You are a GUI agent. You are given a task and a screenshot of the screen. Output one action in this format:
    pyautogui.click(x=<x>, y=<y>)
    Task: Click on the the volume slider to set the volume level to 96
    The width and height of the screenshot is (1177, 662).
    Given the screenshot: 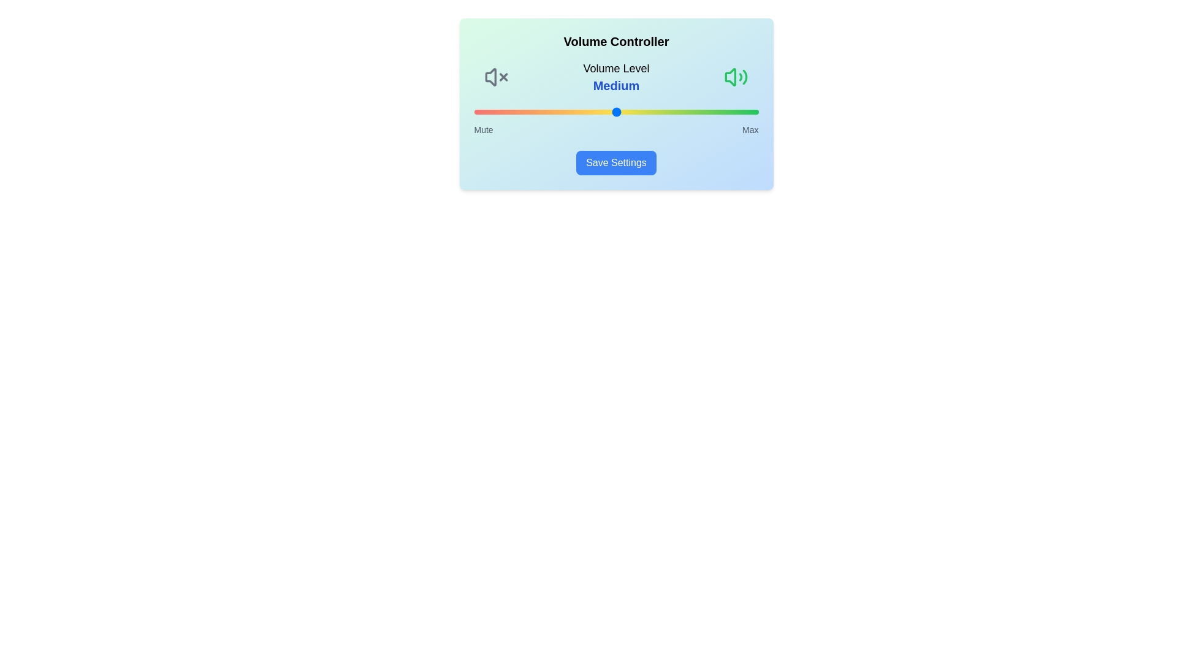 What is the action you would take?
    pyautogui.click(x=747, y=112)
    